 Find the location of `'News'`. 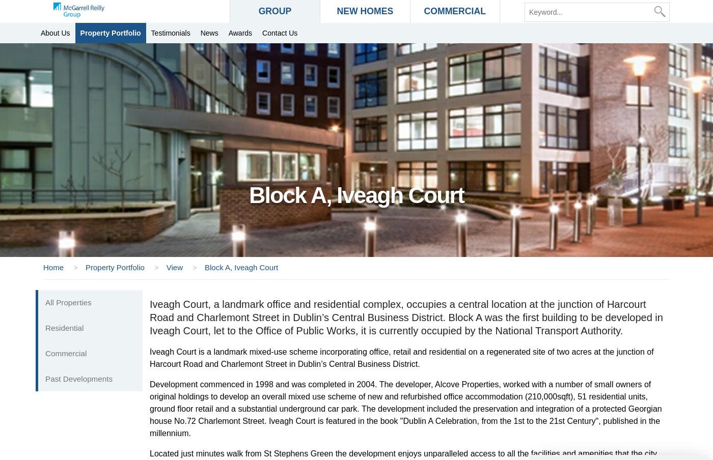

'News' is located at coordinates (209, 33).